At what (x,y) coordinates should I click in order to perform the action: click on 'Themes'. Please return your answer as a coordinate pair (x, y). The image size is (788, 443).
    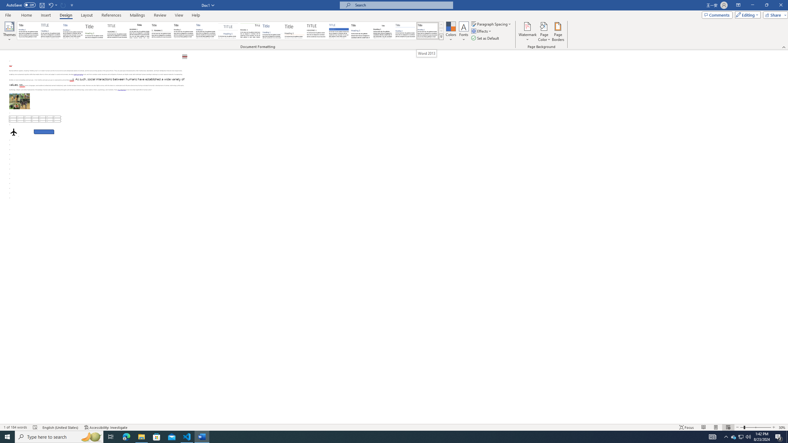
    Looking at the image, I should click on (9, 32).